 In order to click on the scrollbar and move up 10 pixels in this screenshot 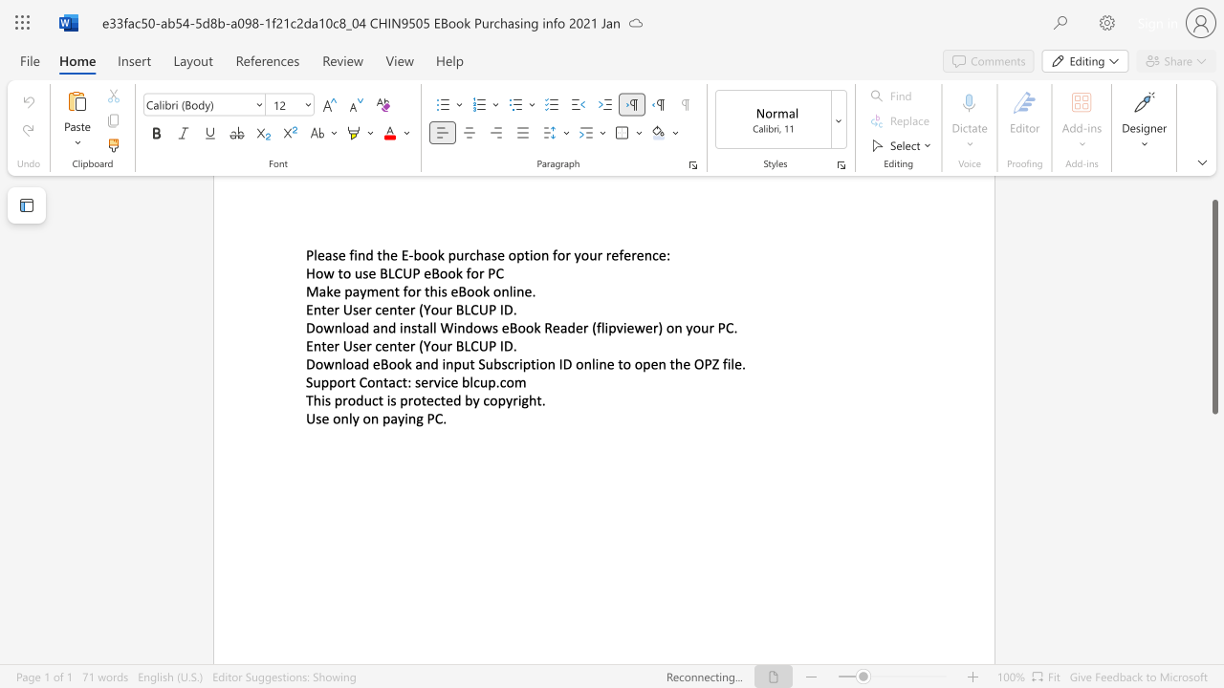, I will do `click(1213, 306)`.